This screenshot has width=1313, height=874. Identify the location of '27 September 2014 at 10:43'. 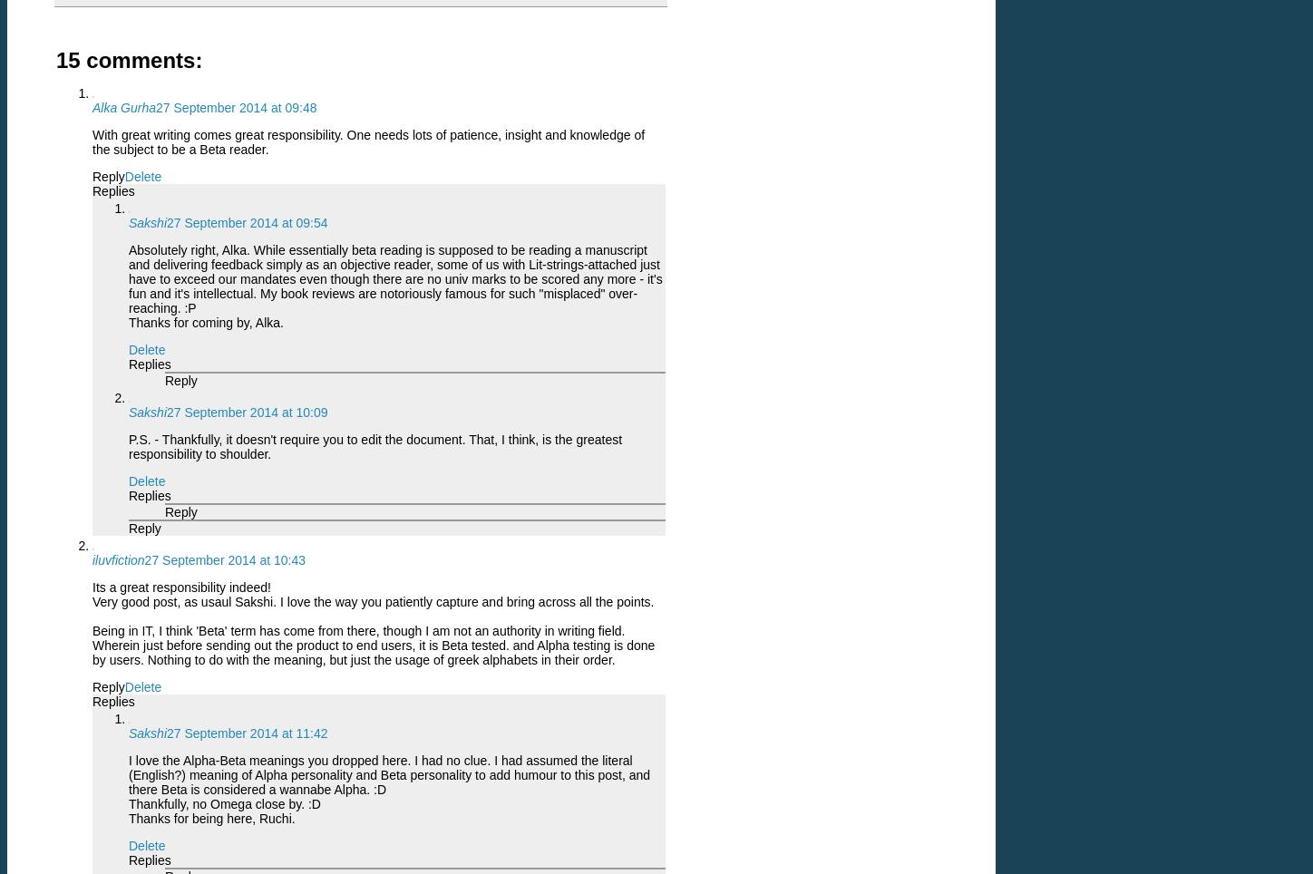
(225, 558).